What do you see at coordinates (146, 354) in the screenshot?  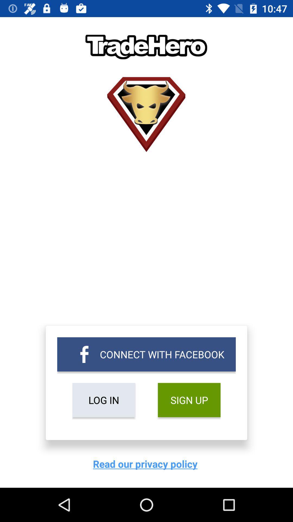 I see `item above the log in item` at bounding box center [146, 354].